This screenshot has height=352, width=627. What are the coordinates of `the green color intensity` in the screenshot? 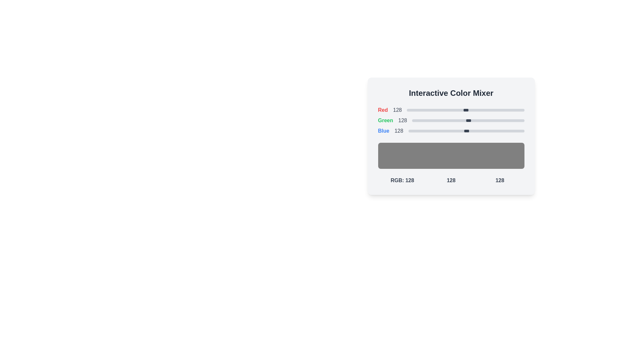 It's located at (451, 121).